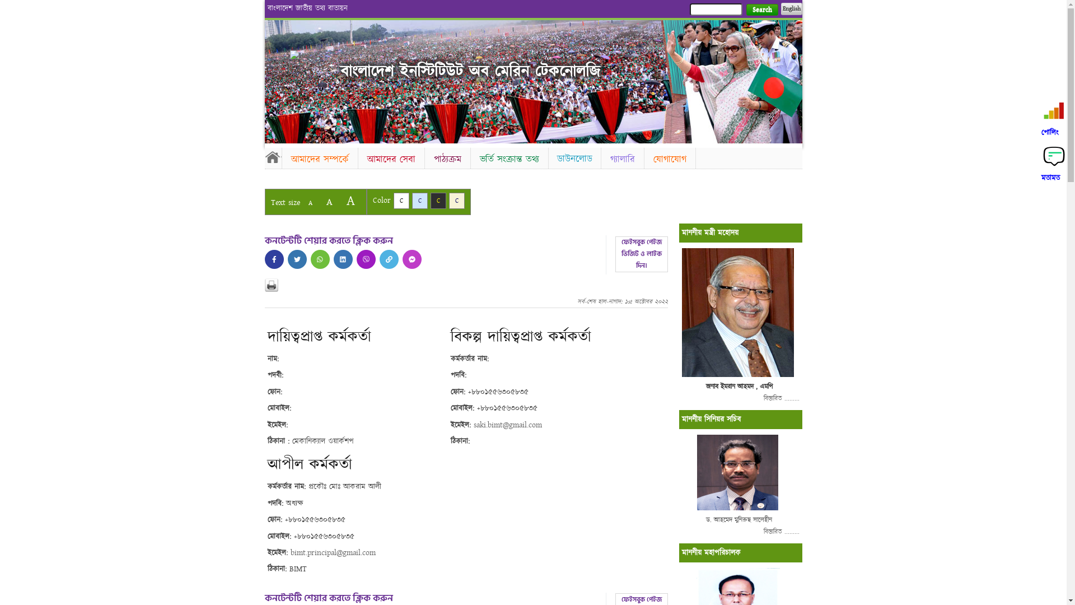 Image resolution: width=1075 pixels, height=605 pixels. What do you see at coordinates (761, 10) in the screenshot?
I see `'Search'` at bounding box center [761, 10].